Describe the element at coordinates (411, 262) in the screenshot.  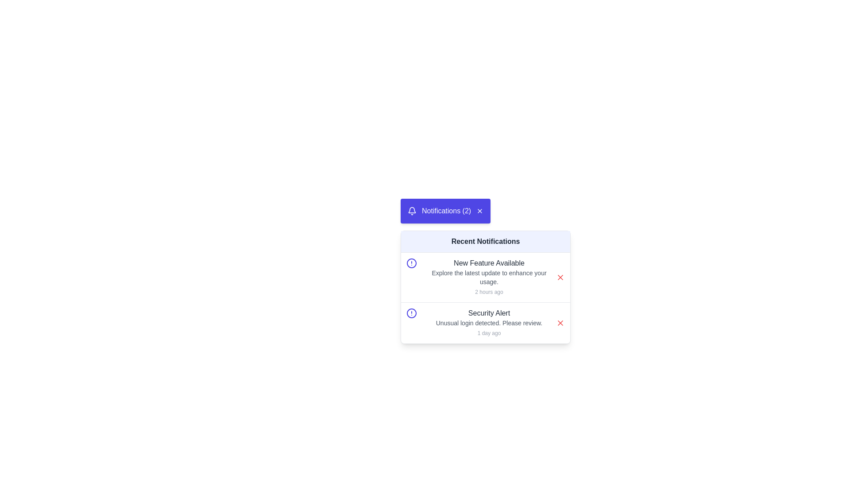
I see `the circular shape representing part of the alert icon, which is located to the left of the 'New Feature Available' notification title` at that location.